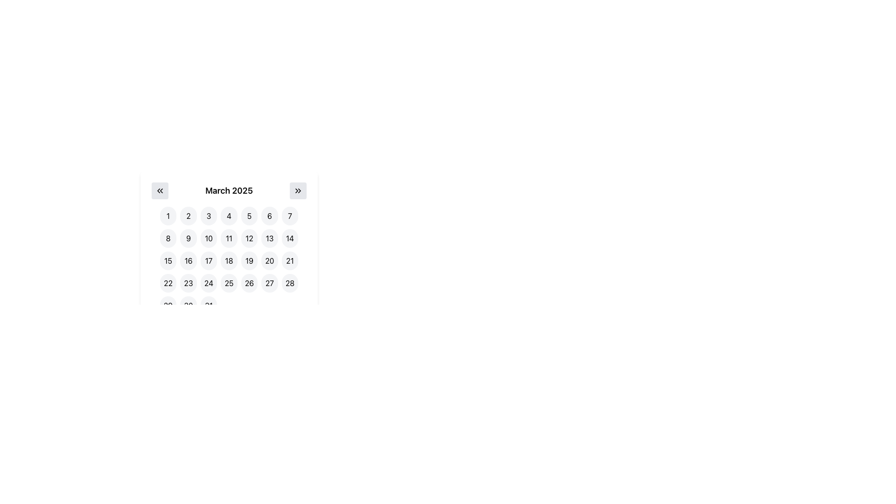 The image size is (896, 504). Describe the element at coordinates (289, 282) in the screenshot. I see `the rounded button with a light gray background containing the text '28'` at that location.